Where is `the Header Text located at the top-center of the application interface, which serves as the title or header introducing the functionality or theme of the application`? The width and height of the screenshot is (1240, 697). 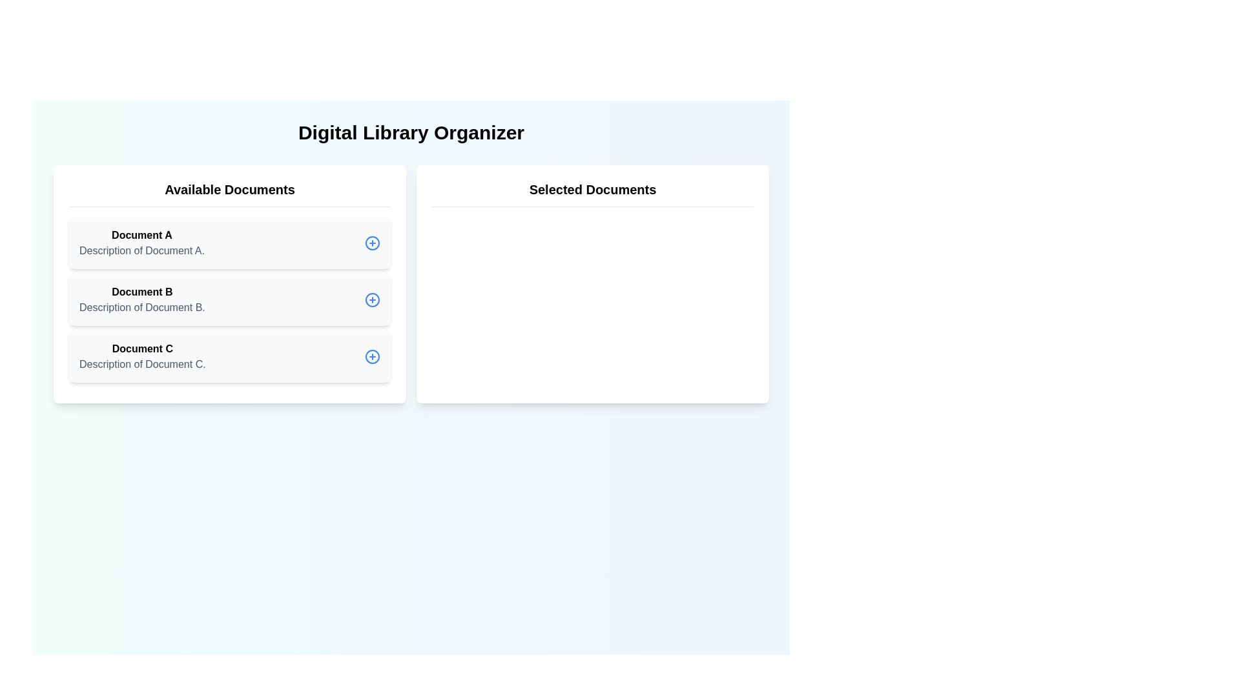
the Header Text located at the top-center of the application interface, which serves as the title or header introducing the functionality or theme of the application is located at coordinates (411, 132).